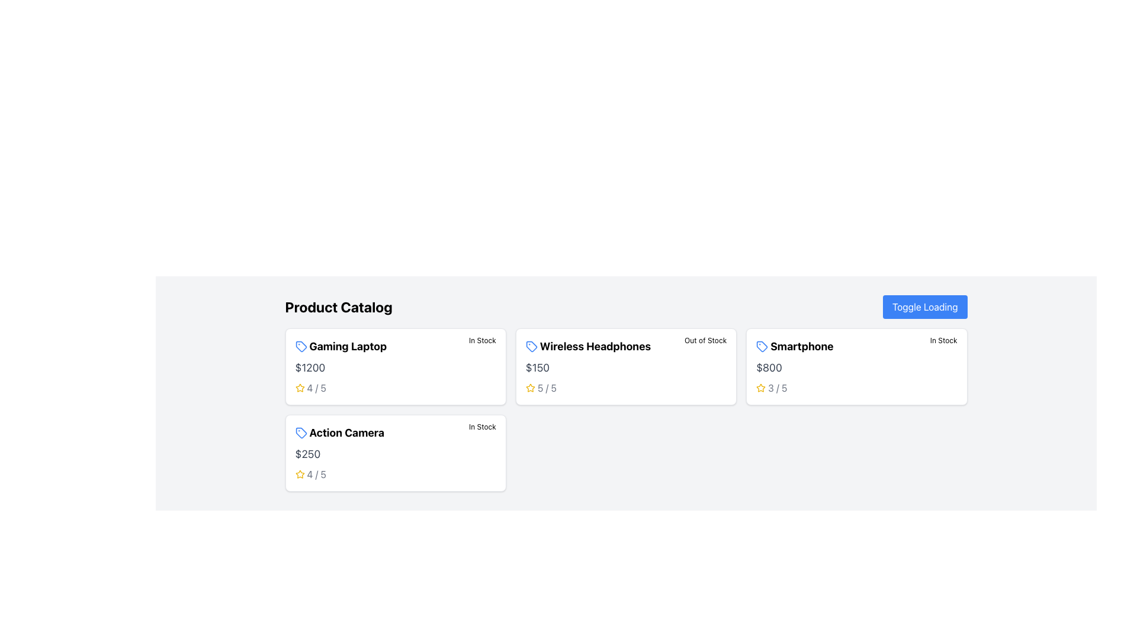  Describe the element at coordinates (761, 388) in the screenshot. I see `the star icon representing the rating score of the 'Smartphone' product located in the fourth product card from the left, next to the text '3 / 5' and below the price` at that location.